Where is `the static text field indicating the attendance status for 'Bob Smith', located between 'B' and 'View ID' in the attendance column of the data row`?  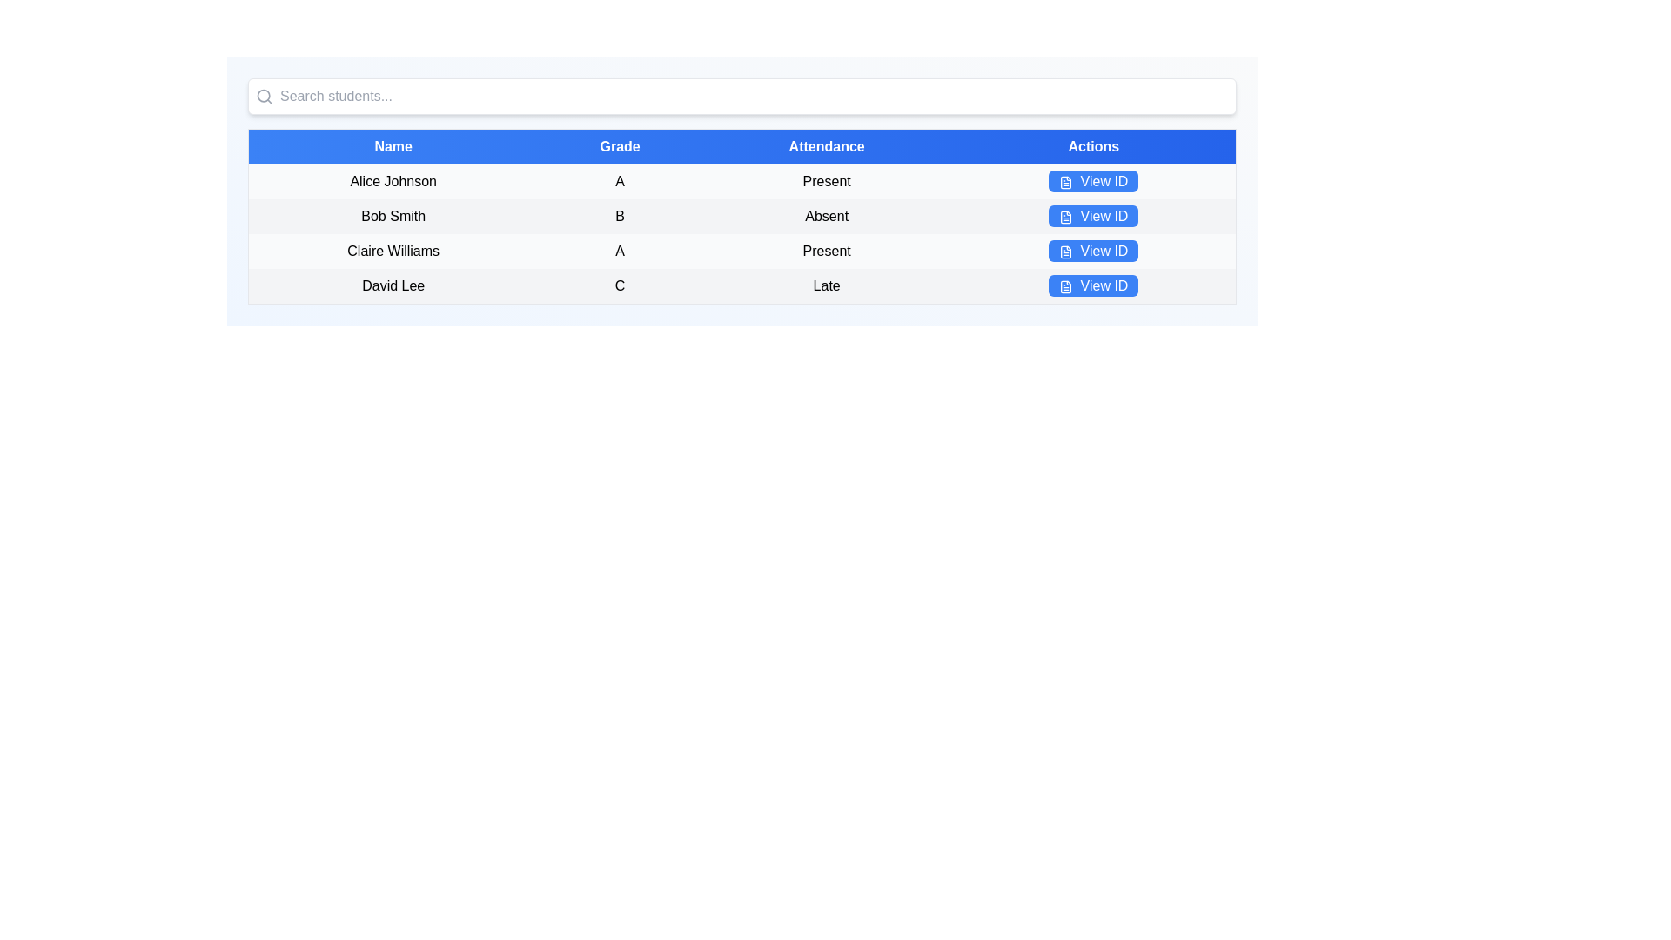
the static text field indicating the attendance status for 'Bob Smith', located between 'B' and 'View ID' in the attendance column of the data row is located at coordinates (826, 216).